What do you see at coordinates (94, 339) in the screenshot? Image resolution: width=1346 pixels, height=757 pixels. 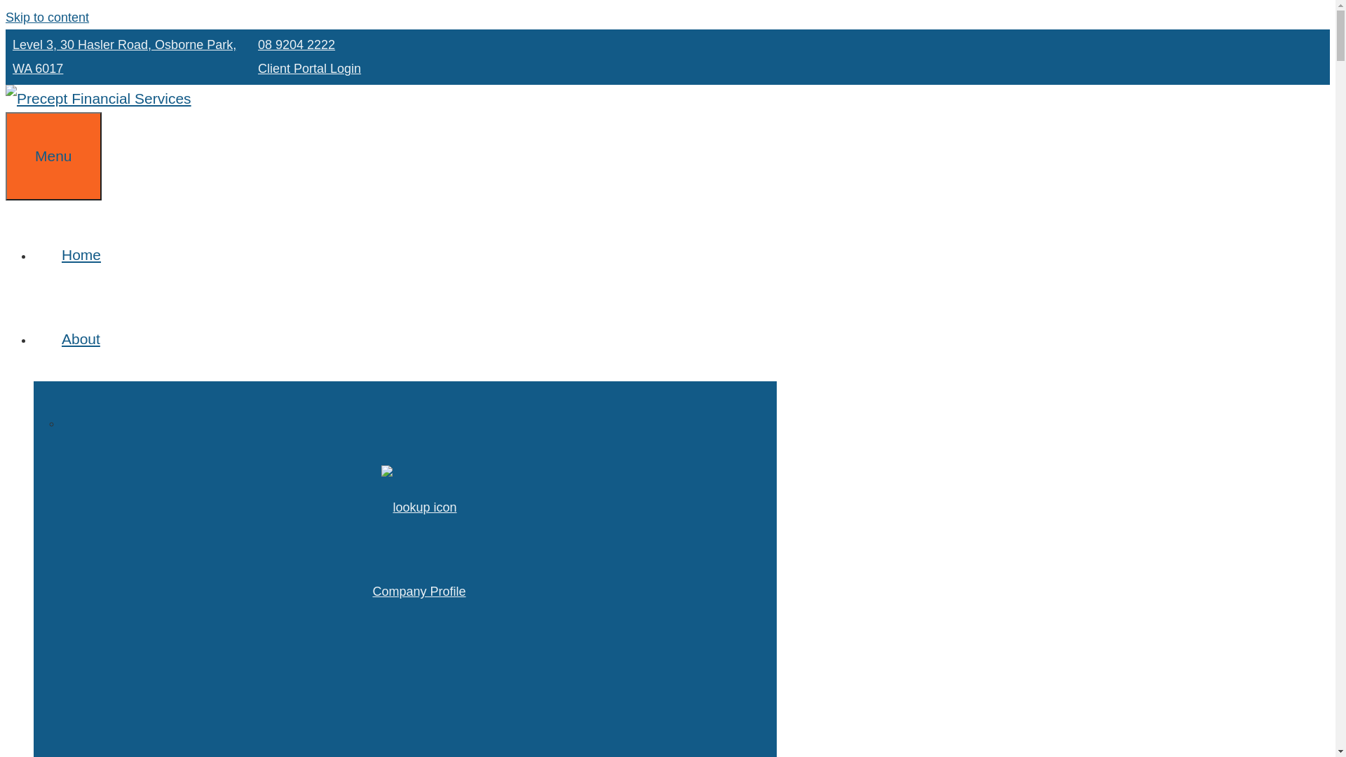 I see `'About'` at bounding box center [94, 339].